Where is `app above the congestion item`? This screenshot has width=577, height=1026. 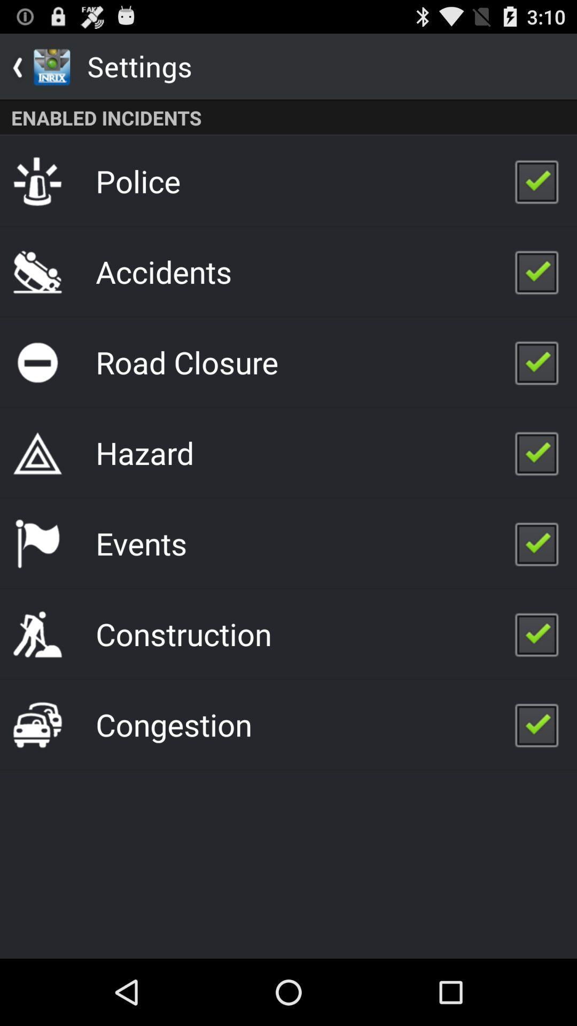 app above the congestion item is located at coordinates (183, 634).